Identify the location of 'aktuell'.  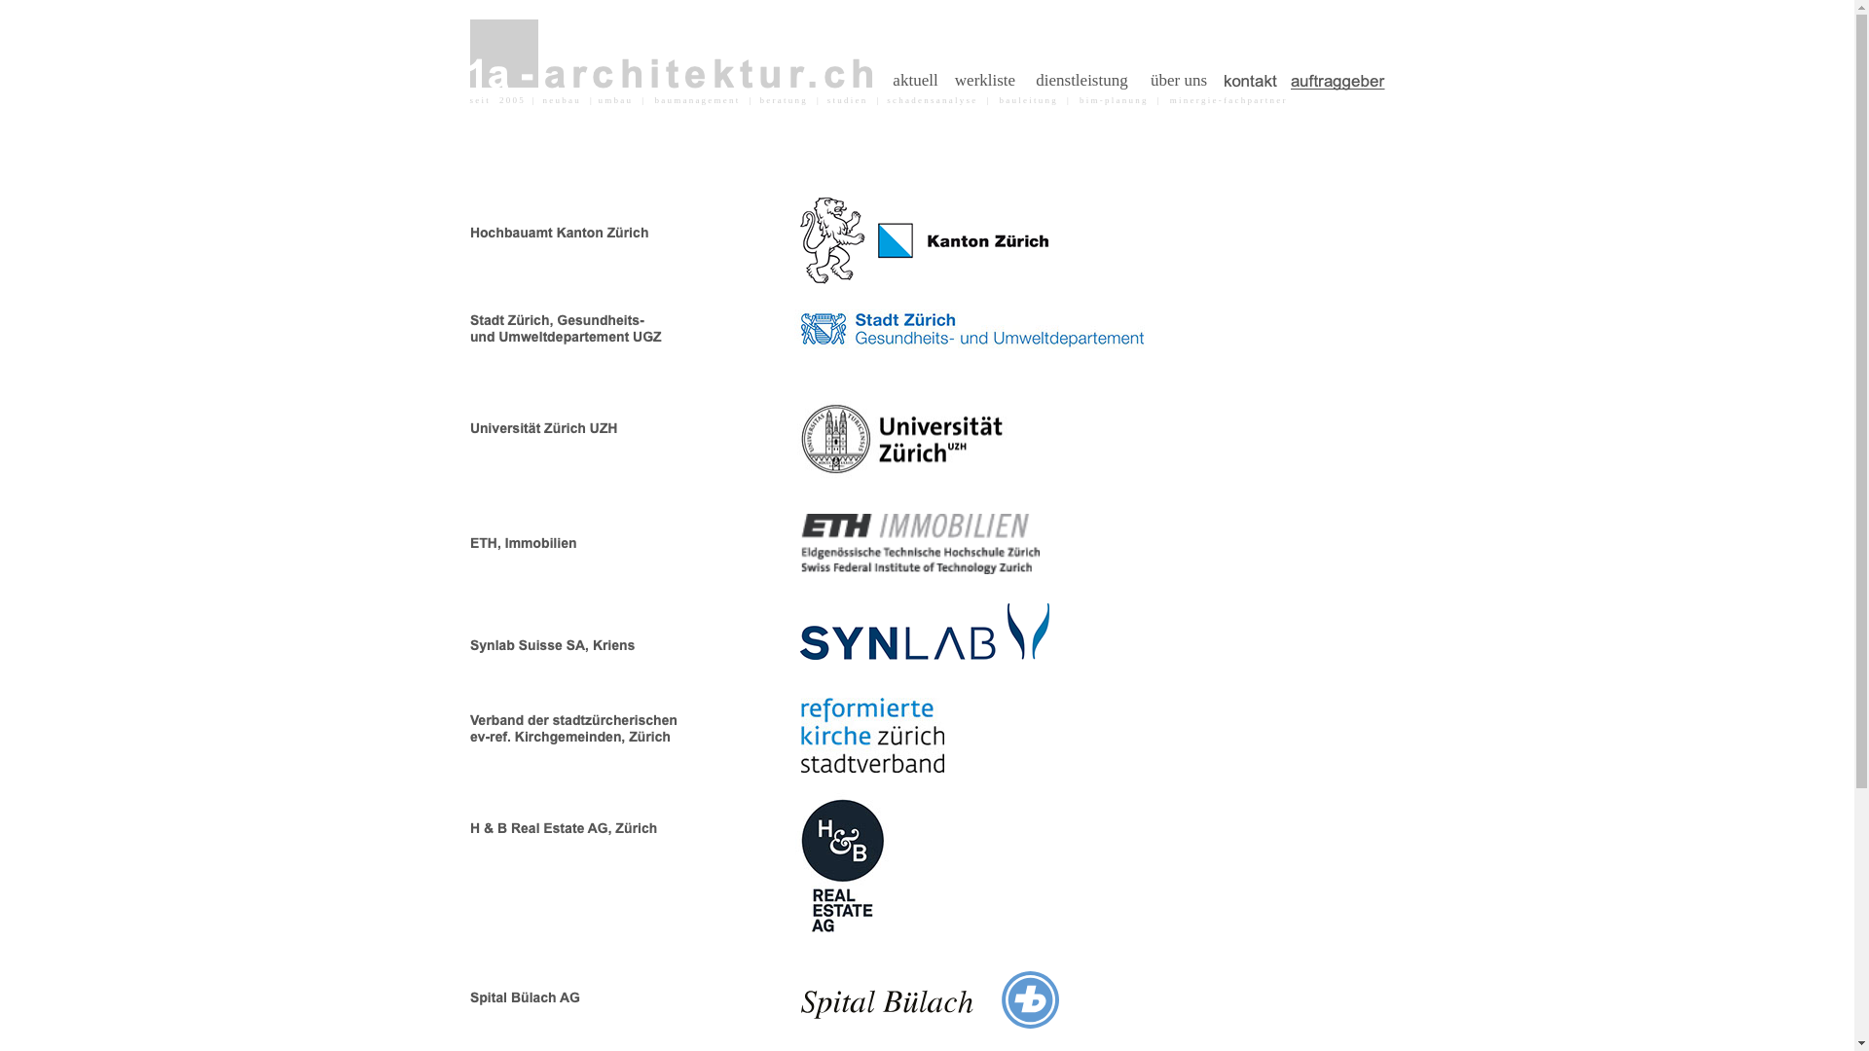
(885, 80).